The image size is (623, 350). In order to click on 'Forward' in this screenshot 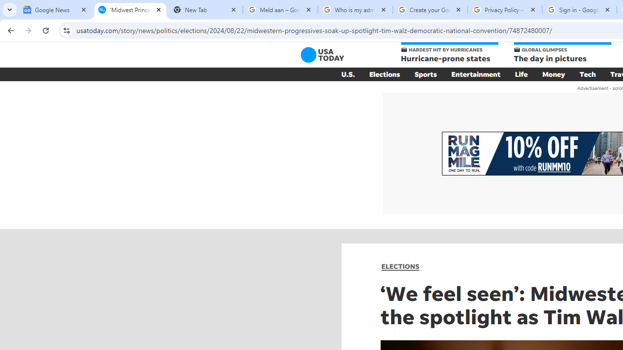, I will do `click(28, 30)`.